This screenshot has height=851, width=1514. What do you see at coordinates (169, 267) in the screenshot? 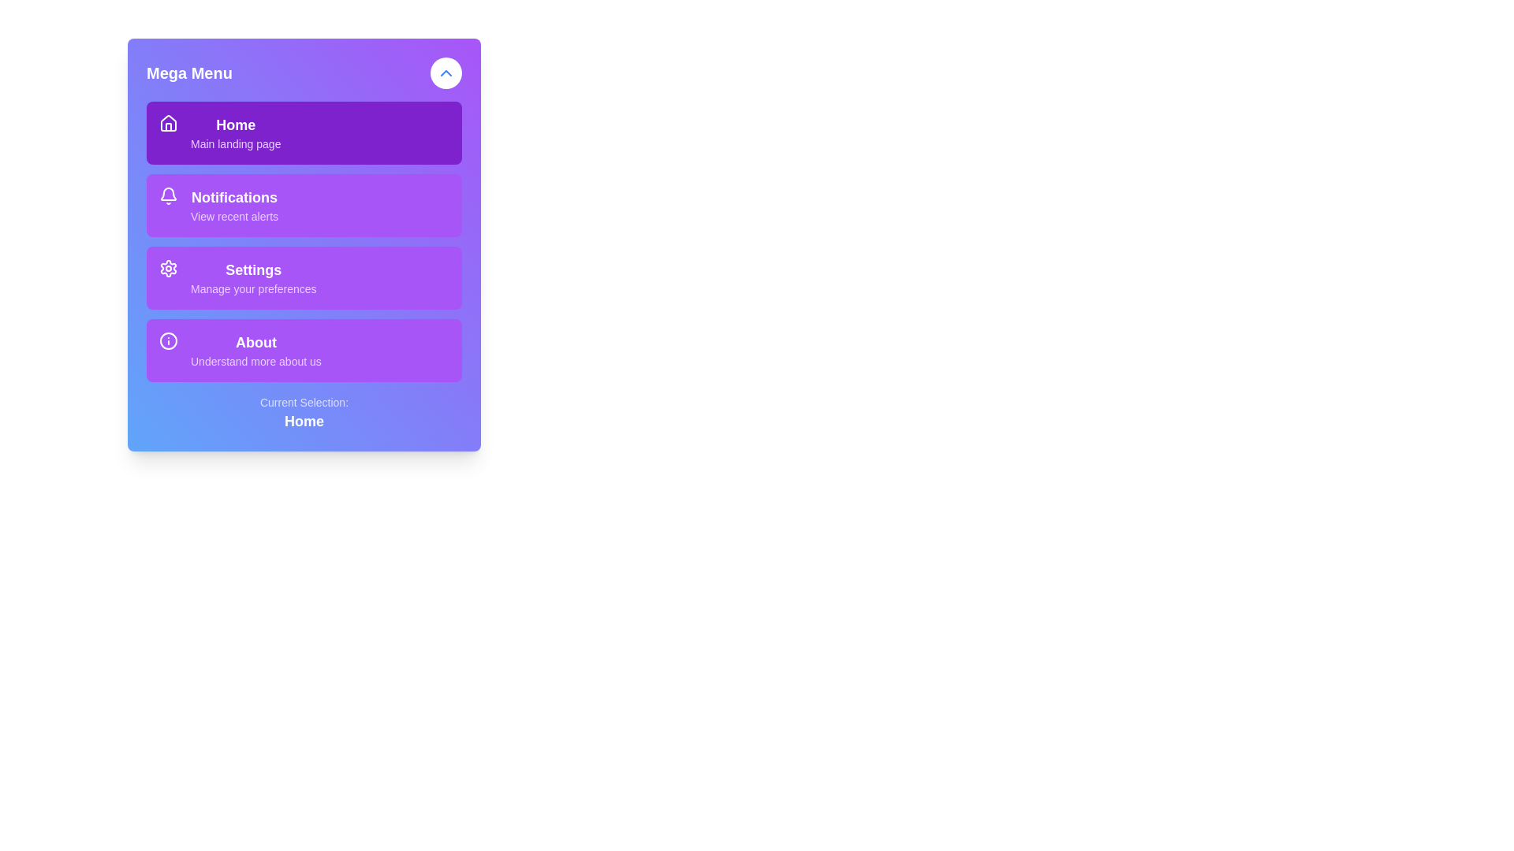
I see `the 'Settings' icon in the Mega Menu, which symbolizes configuration or preference management` at bounding box center [169, 267].